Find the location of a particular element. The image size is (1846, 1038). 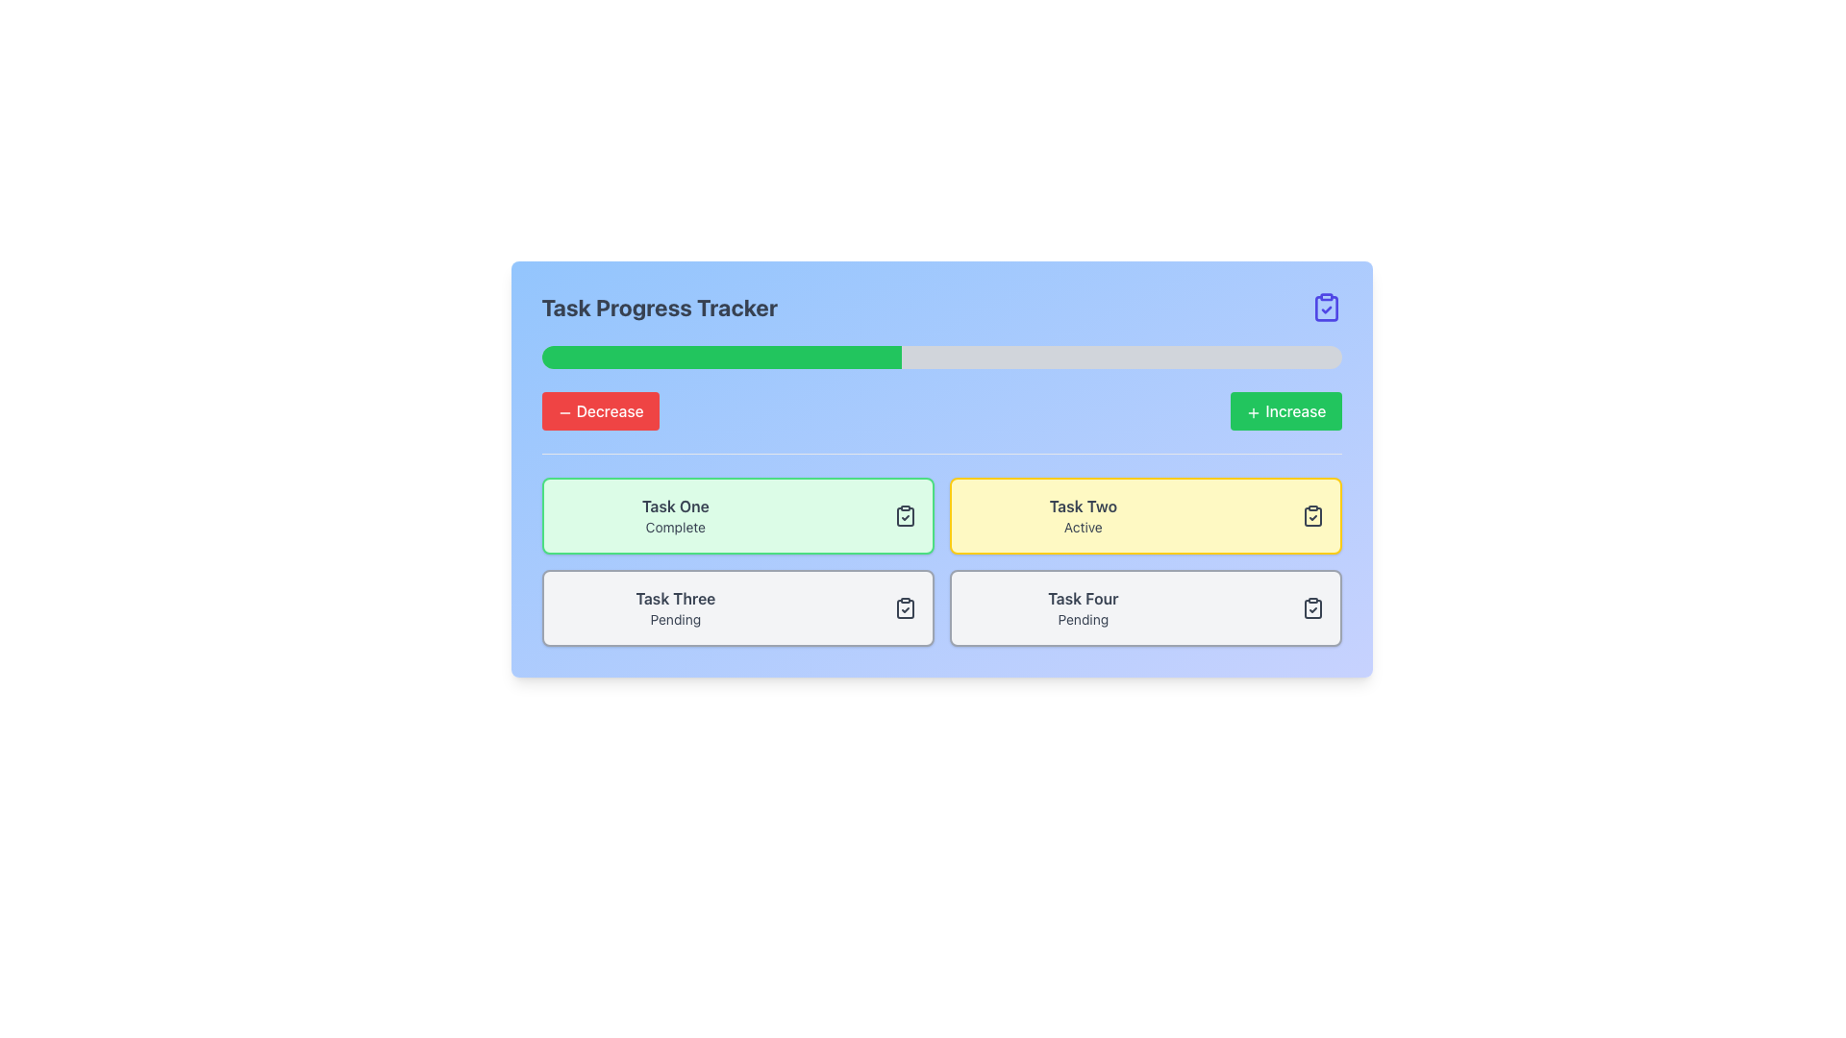

the bold text labeled 'Task Progress Tracker' located at the top-left of the interface, which is part of a banner-like area and precedes a clipboard icon is located at coordinates (660, 307).